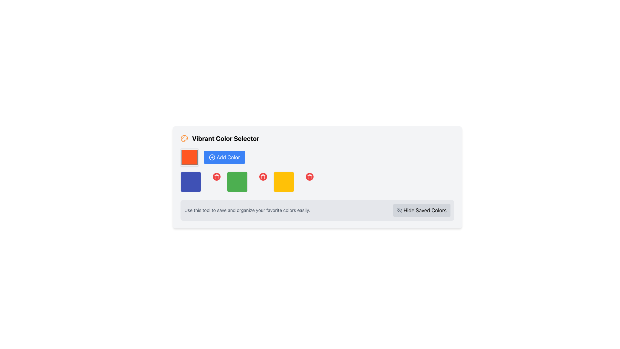 This screenshot has width=620, height=349. Describe the element at coordinates (399, 210) in the screenshot. I see `the diagonal crossing line within the eye-shaped SVG icon located in the top-right corner of the interface, near the 'Hide Saved Colors' button` at that location.